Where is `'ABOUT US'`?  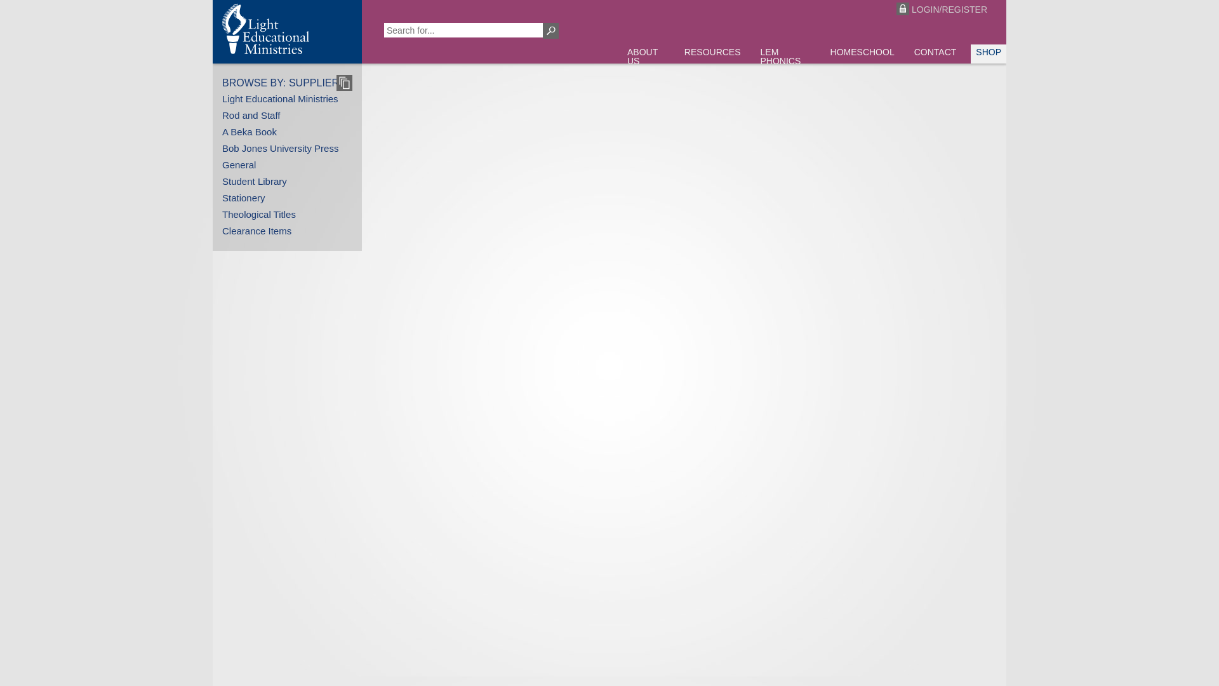
'ABOUT US' is located at coordinates (646, 58).